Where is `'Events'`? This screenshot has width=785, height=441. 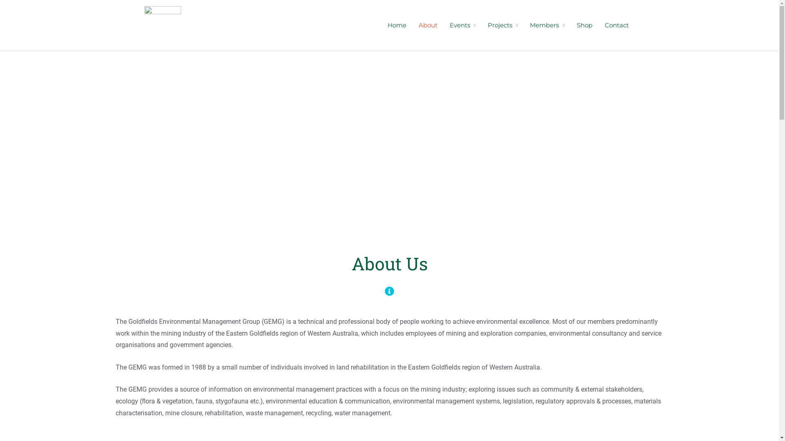 'Events' is located at coordinates (462, 24).